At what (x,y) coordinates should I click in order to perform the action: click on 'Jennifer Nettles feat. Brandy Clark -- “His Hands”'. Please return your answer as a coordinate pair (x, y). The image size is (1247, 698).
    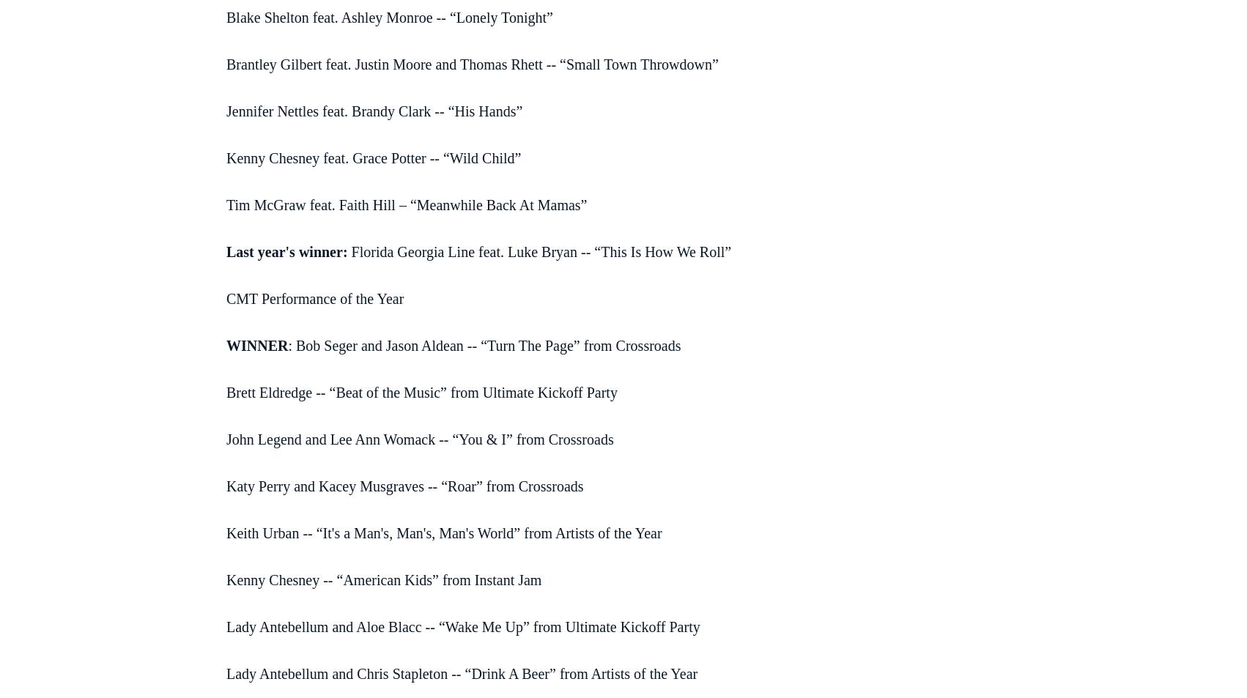
    Looking at the image, I should click on (373, 109).